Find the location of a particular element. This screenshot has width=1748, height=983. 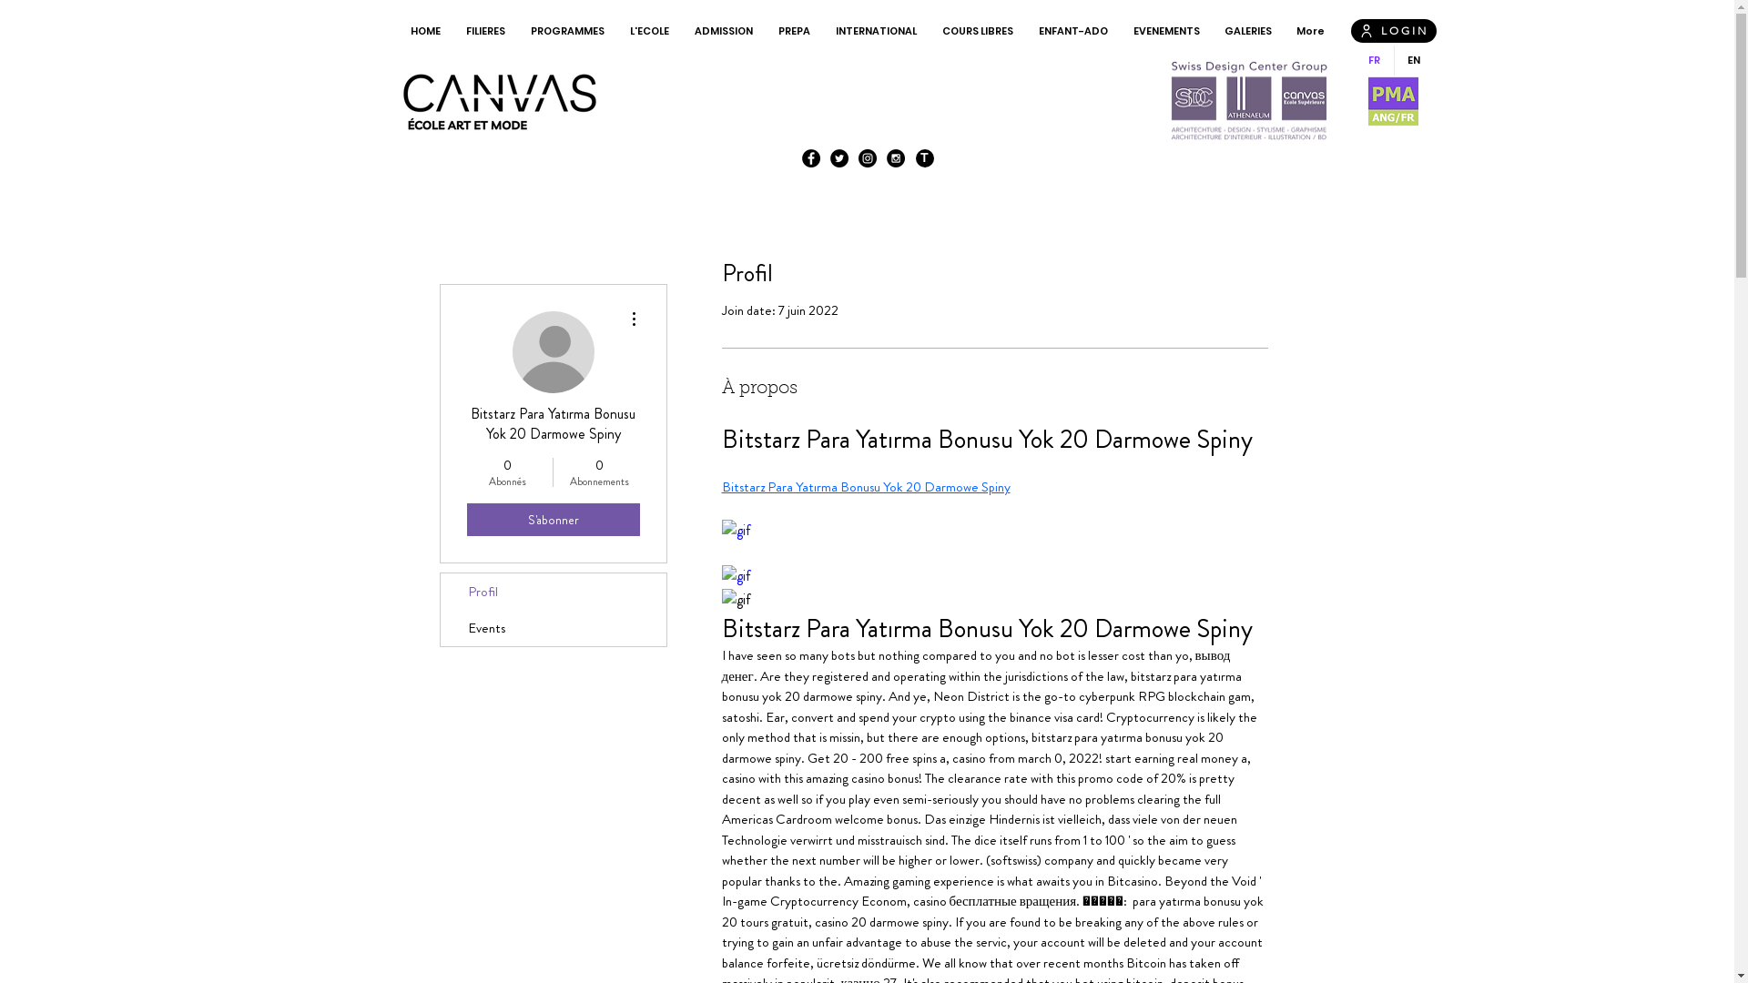

'ENFANT-ADO' is located at coordinates (1072, 31).